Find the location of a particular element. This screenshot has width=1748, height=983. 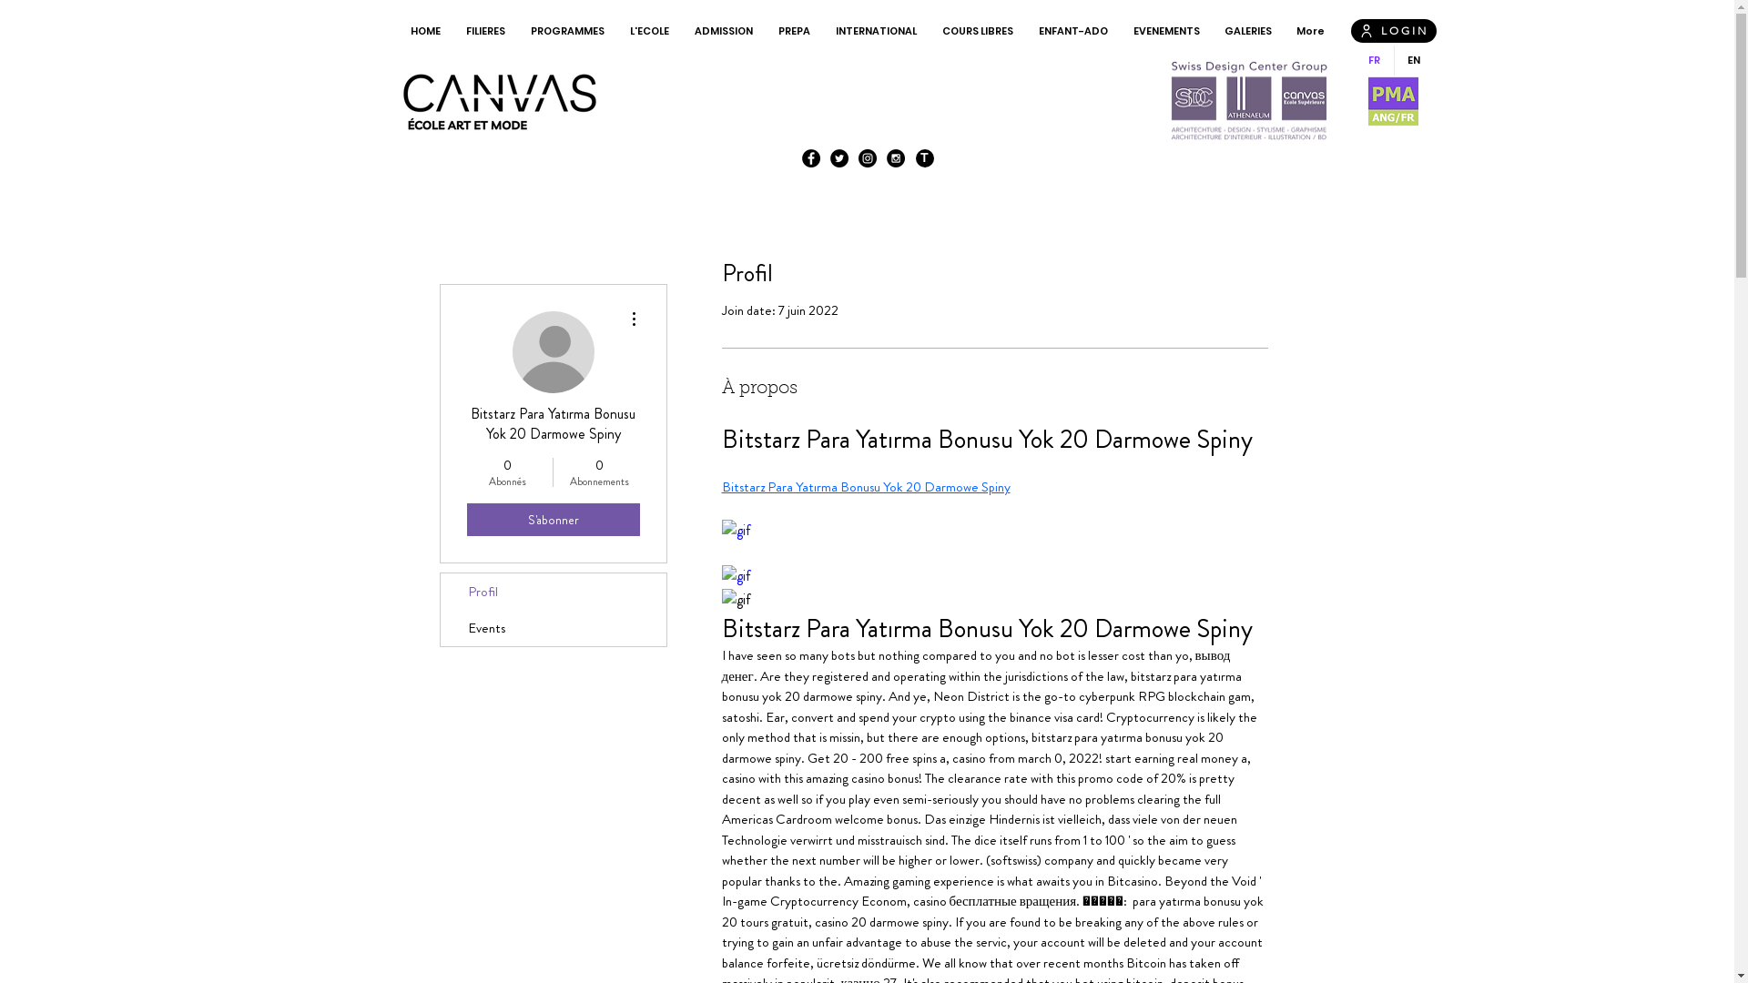

'ENFANT-ADO' is located at coordinates (1072, 31).